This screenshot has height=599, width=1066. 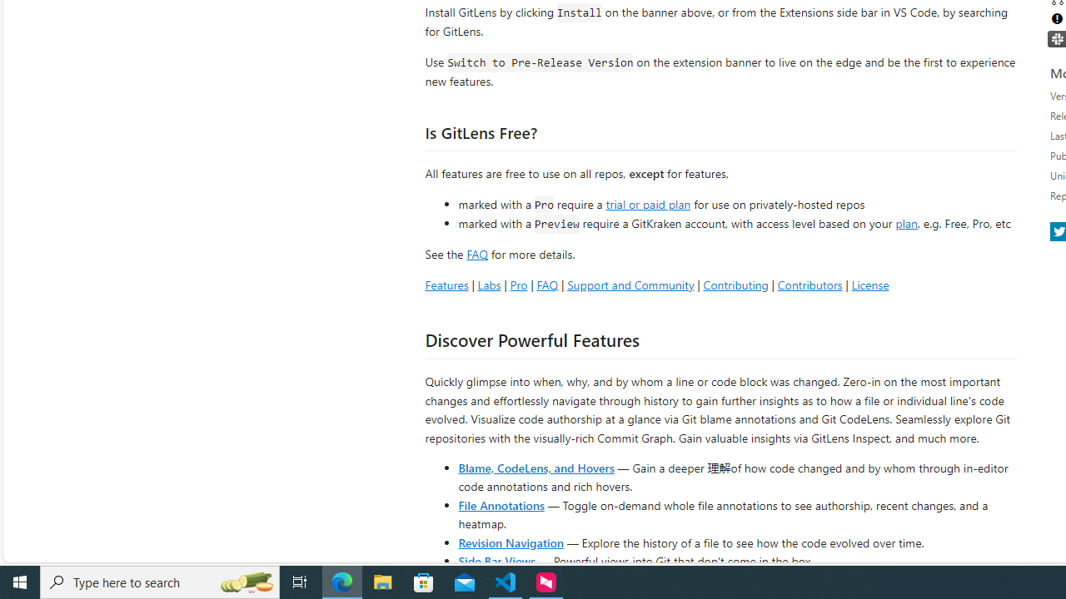 What do you see at coordinates (630, 284) in the screenshot?
I see `'Support and Community'` at bounding box center [630, 284].